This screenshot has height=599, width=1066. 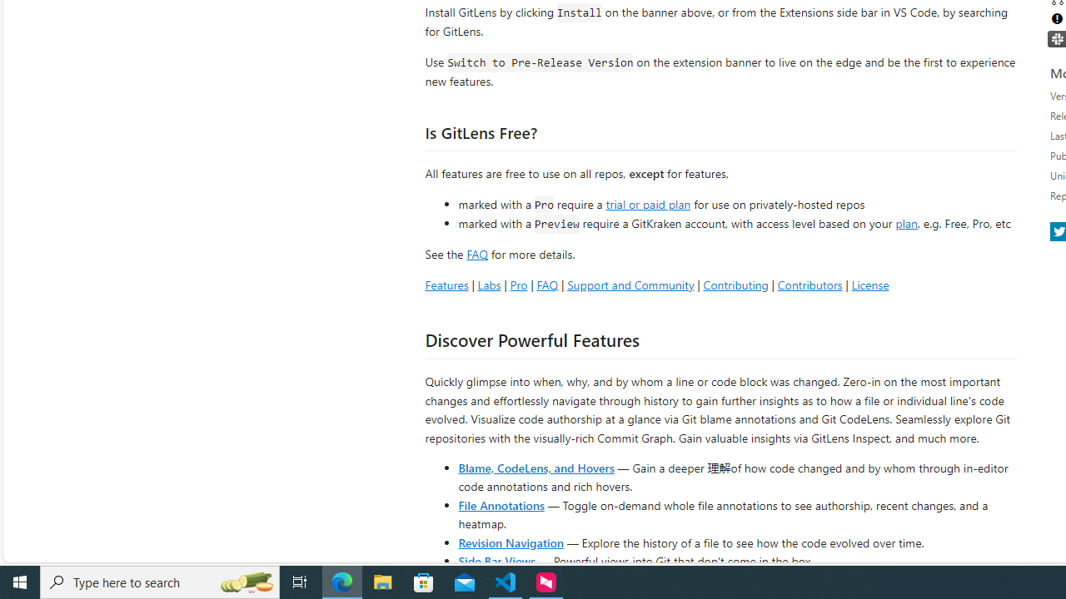 What do you see at coordinates (630, 284) in the screenshot?
I see `'Support and Community'` at bounding box center [630, 284].